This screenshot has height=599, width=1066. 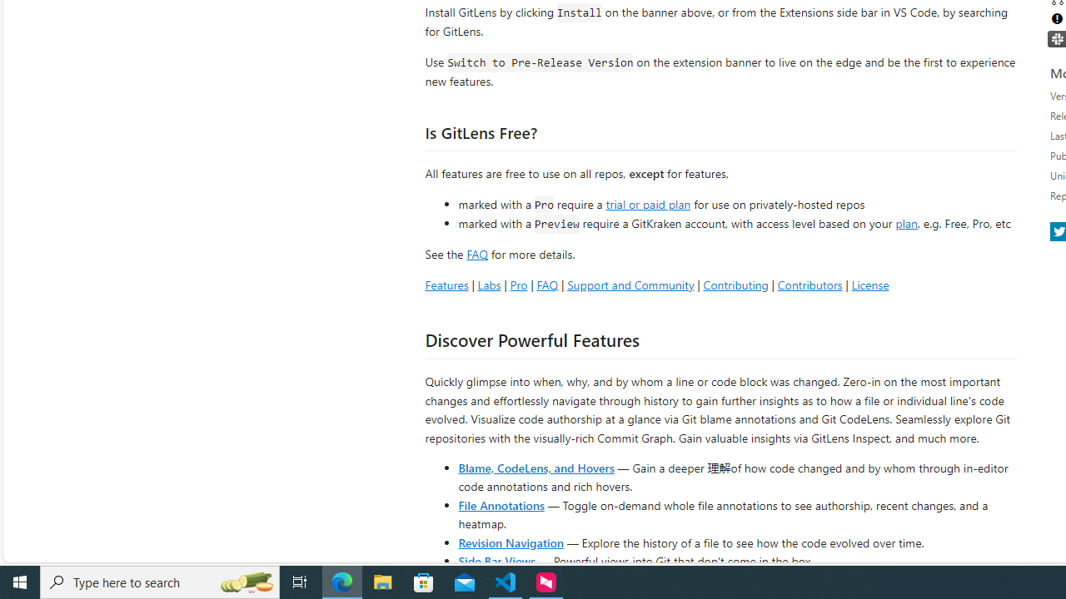 What do you see at coordinates (630, 284) in the screenshot?
I see `'Support and Community'` at bounding box center [630, 284].